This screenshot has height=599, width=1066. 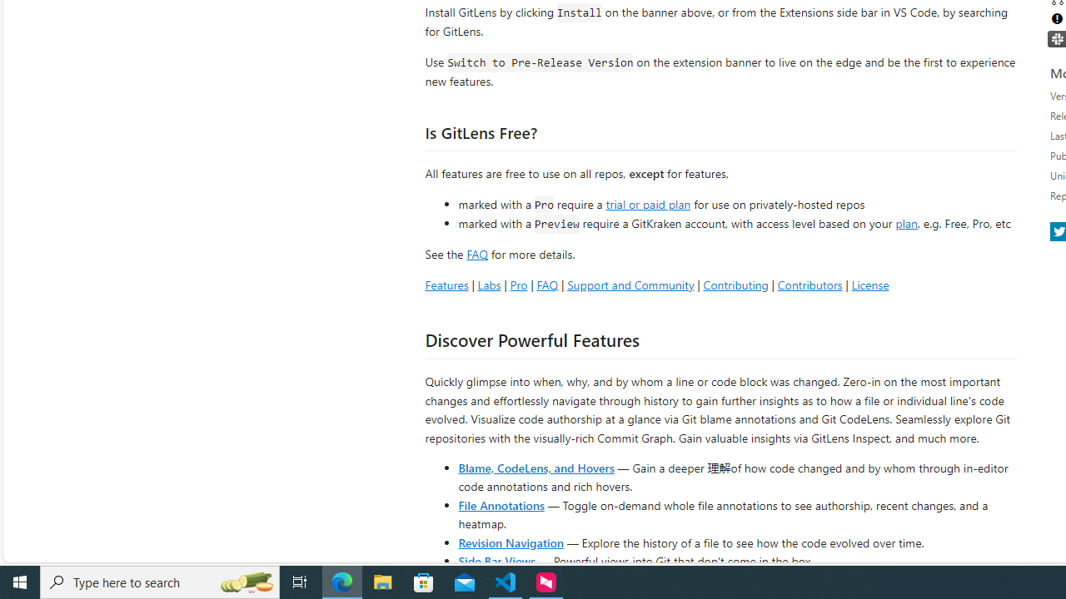 What do you see at coordinates (630, 284) in the screenshot?
I see `'Support and Community'` at bounding box center [630, 284].